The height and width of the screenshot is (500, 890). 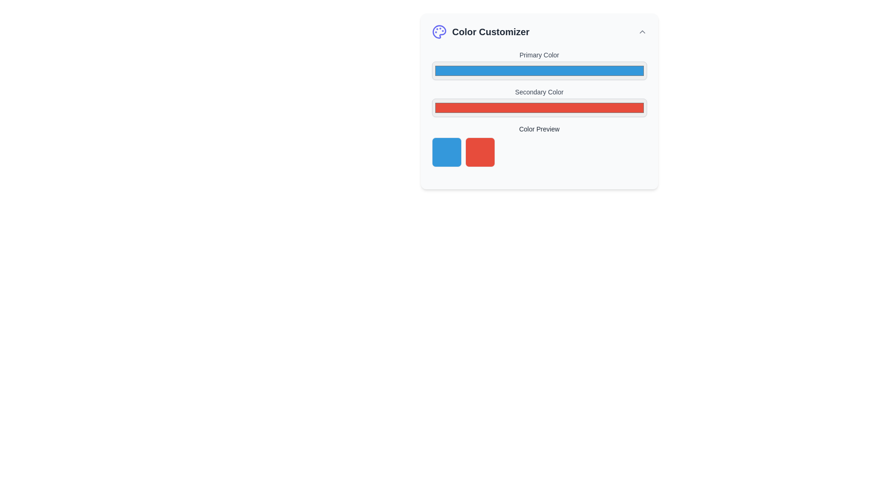 What do you see at coordinates (539, 55) in the screenshot?
I see `label text 'Primary Color' displayed in gray at the top of the color customization form, above the color input box` at bounding box center [539, 55].